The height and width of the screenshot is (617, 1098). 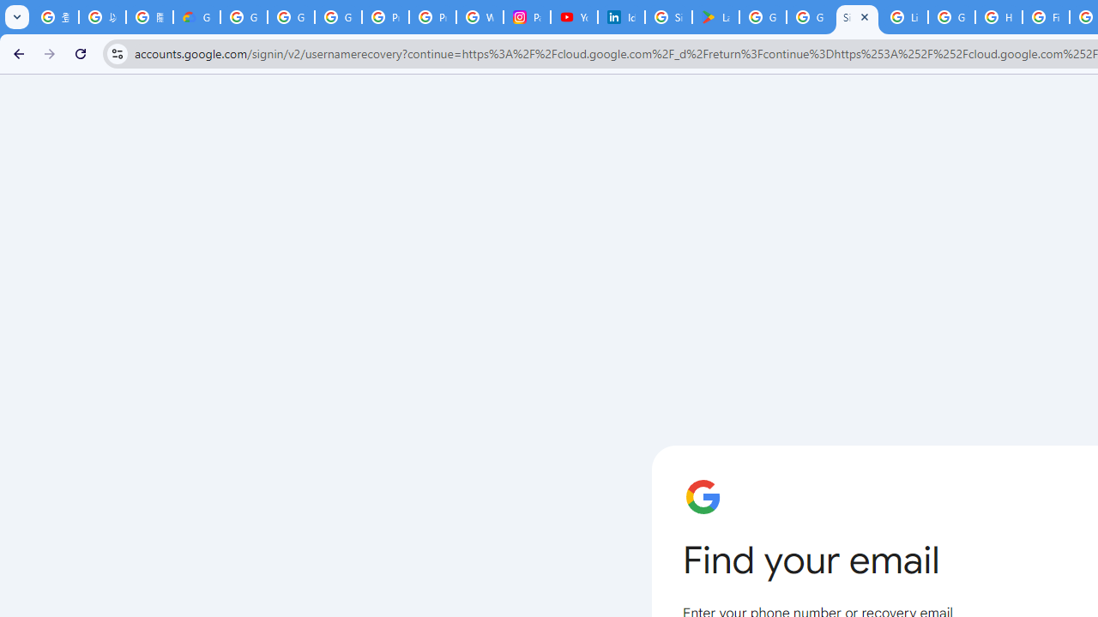 What do you see at coordinates (432, 17) in the screenshot?
I see `'Privacy Help Center - Policies Help'` at bounding box center [432, 17].